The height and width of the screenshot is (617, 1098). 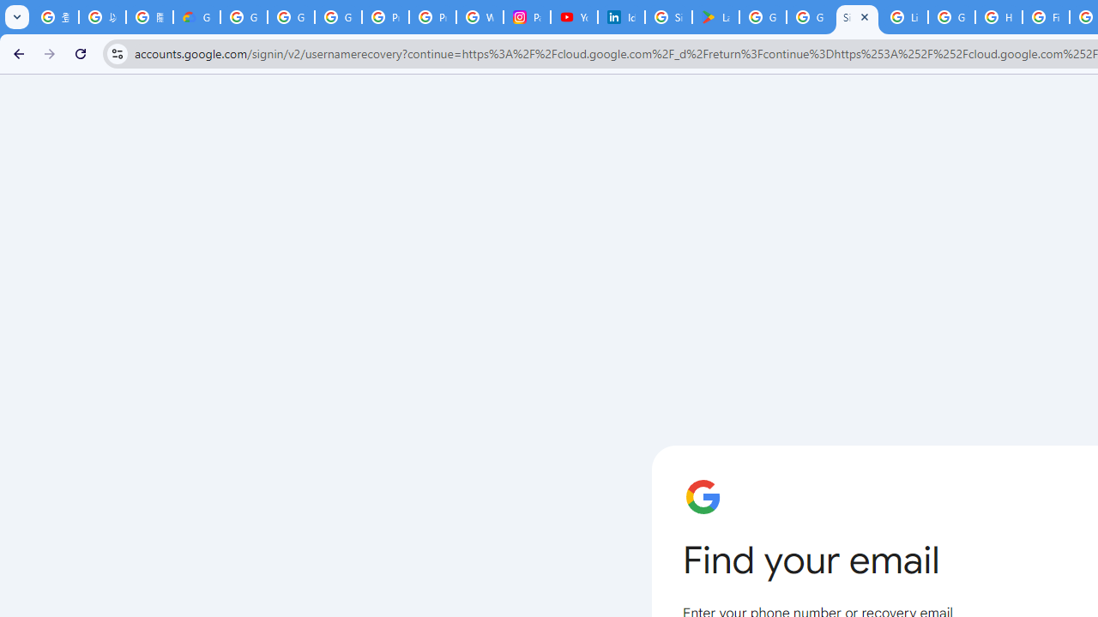 What do you see at coordinates (432, 17) in the screenshot?
I see `'Privacy Help Center - Policies Help'` at bounding box center [432, 17].